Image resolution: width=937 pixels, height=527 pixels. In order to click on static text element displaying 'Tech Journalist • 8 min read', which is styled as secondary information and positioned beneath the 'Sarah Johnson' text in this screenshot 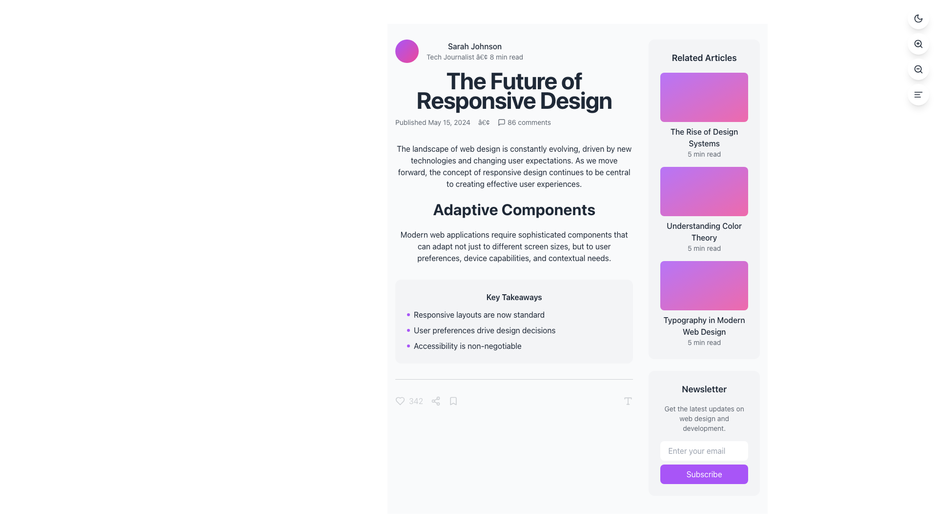, I will do `click(475, 57)`.